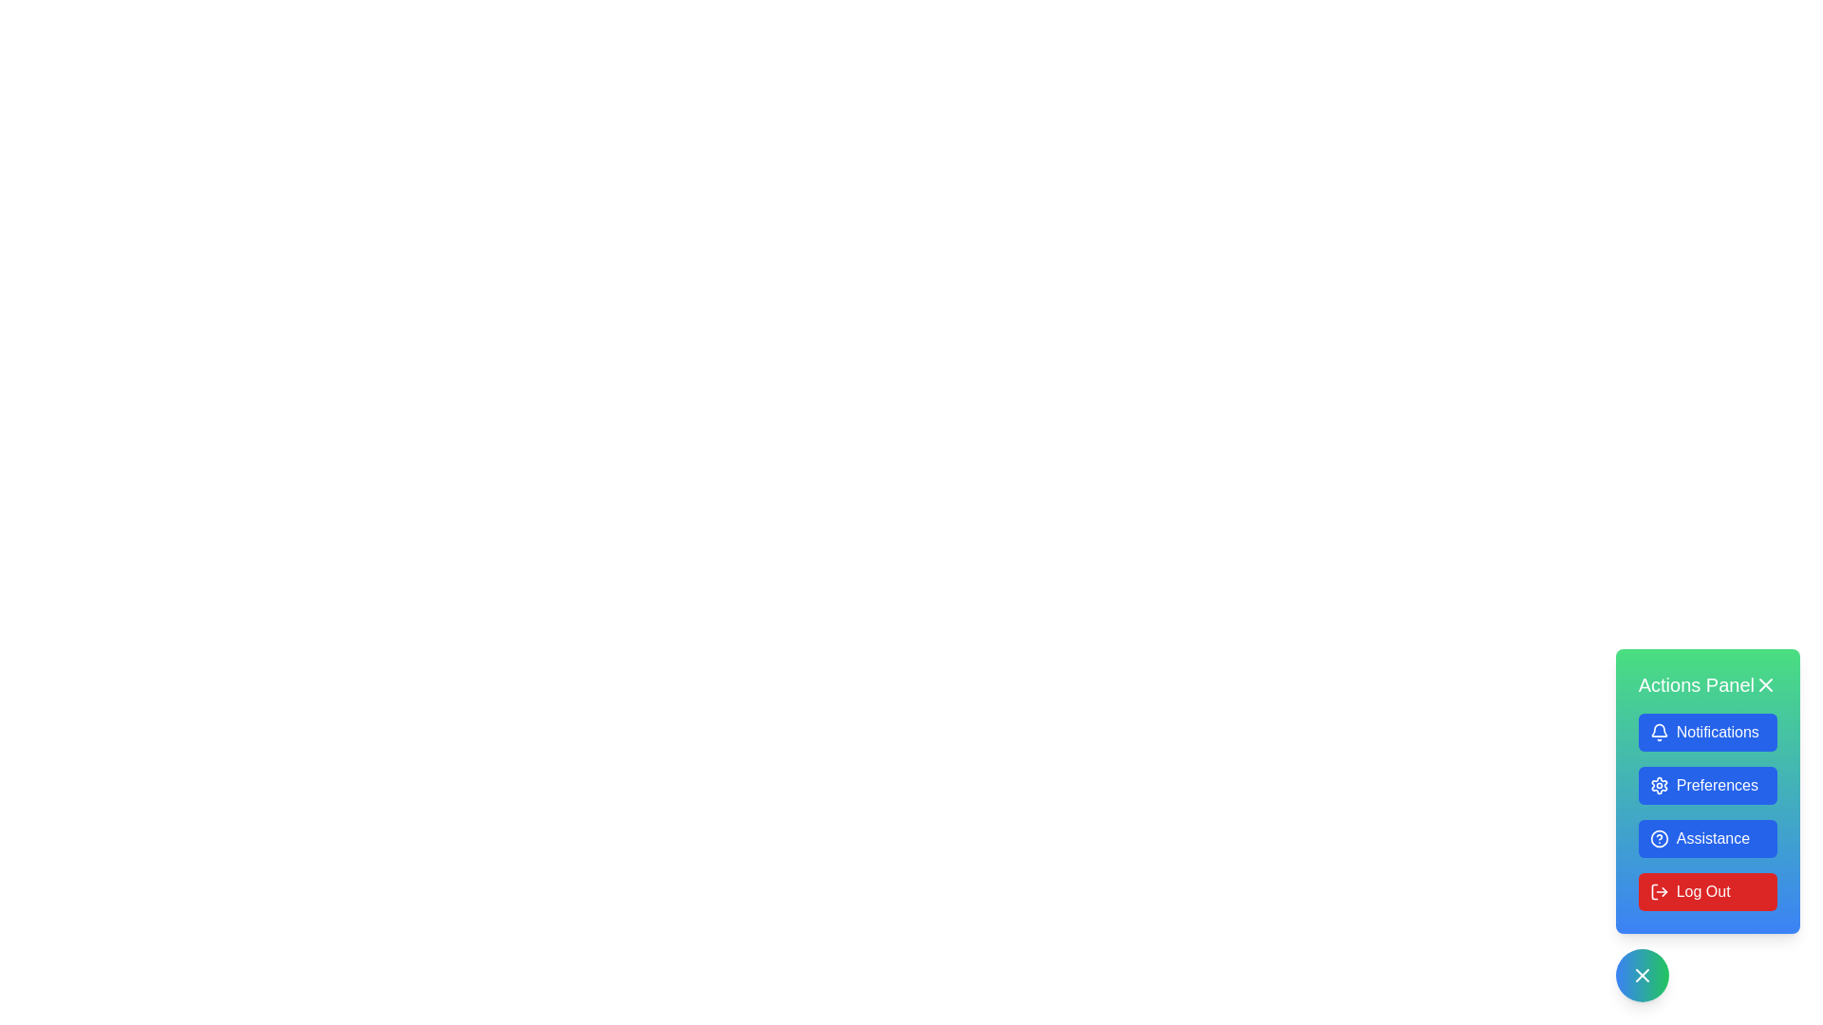 The image size is (1823, 1025). I want to click on the SVG graphical element representing a door in the Actions Panel, located next to the 'Log Out' button, so click(1653, 892).